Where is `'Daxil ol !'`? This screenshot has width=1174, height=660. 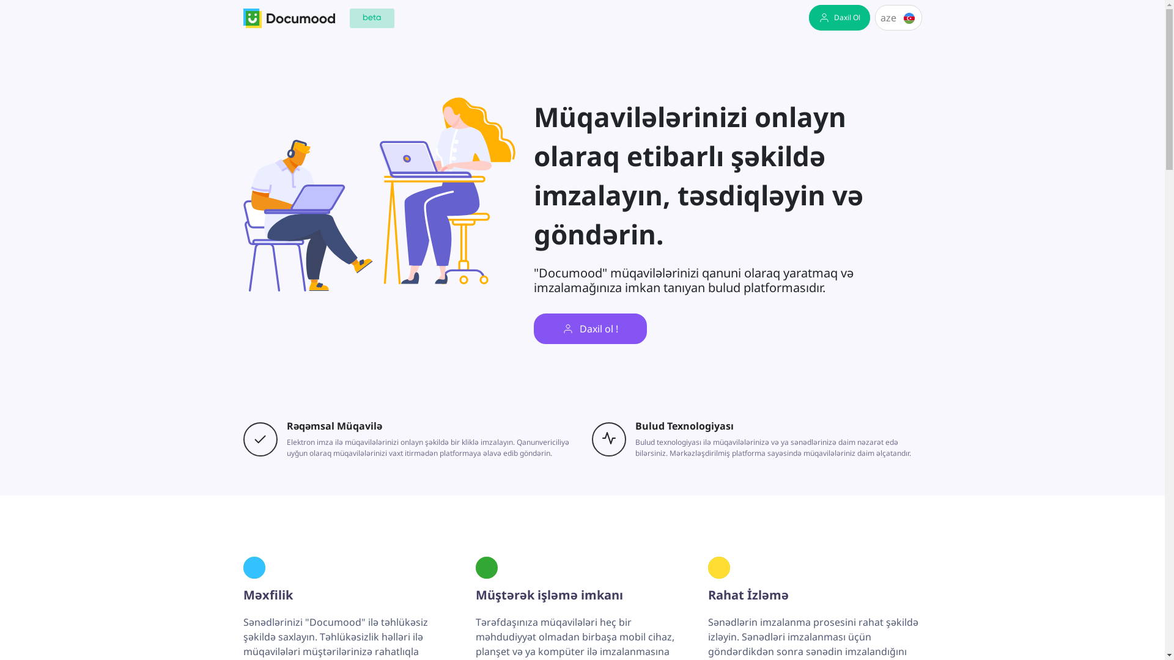
'Daxil ol !' is located at coordinates (589, 328).